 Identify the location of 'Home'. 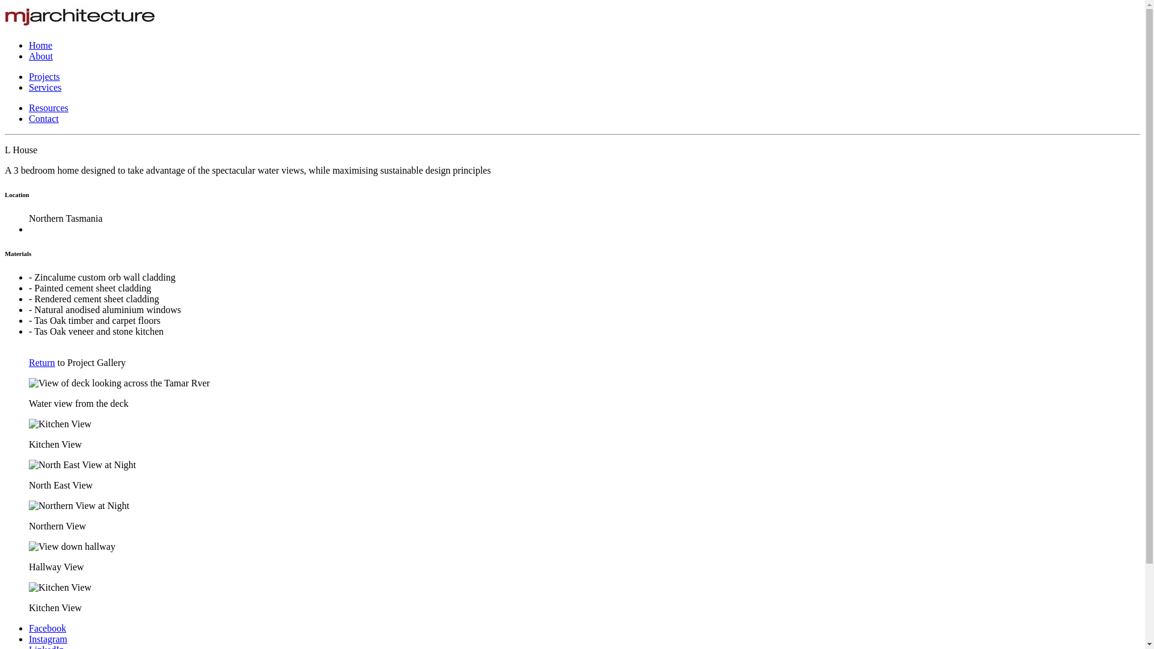
(29, 44).